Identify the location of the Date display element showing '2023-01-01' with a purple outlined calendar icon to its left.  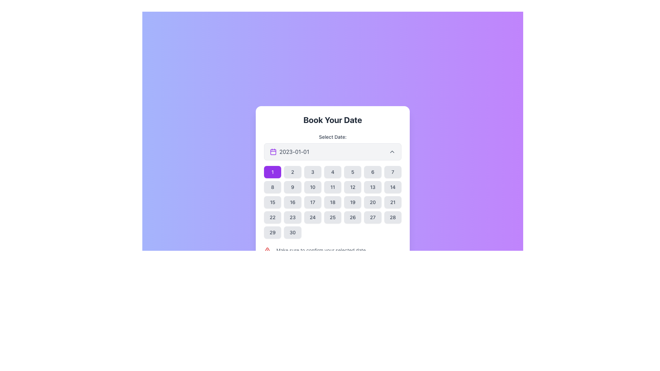
(289, 151).